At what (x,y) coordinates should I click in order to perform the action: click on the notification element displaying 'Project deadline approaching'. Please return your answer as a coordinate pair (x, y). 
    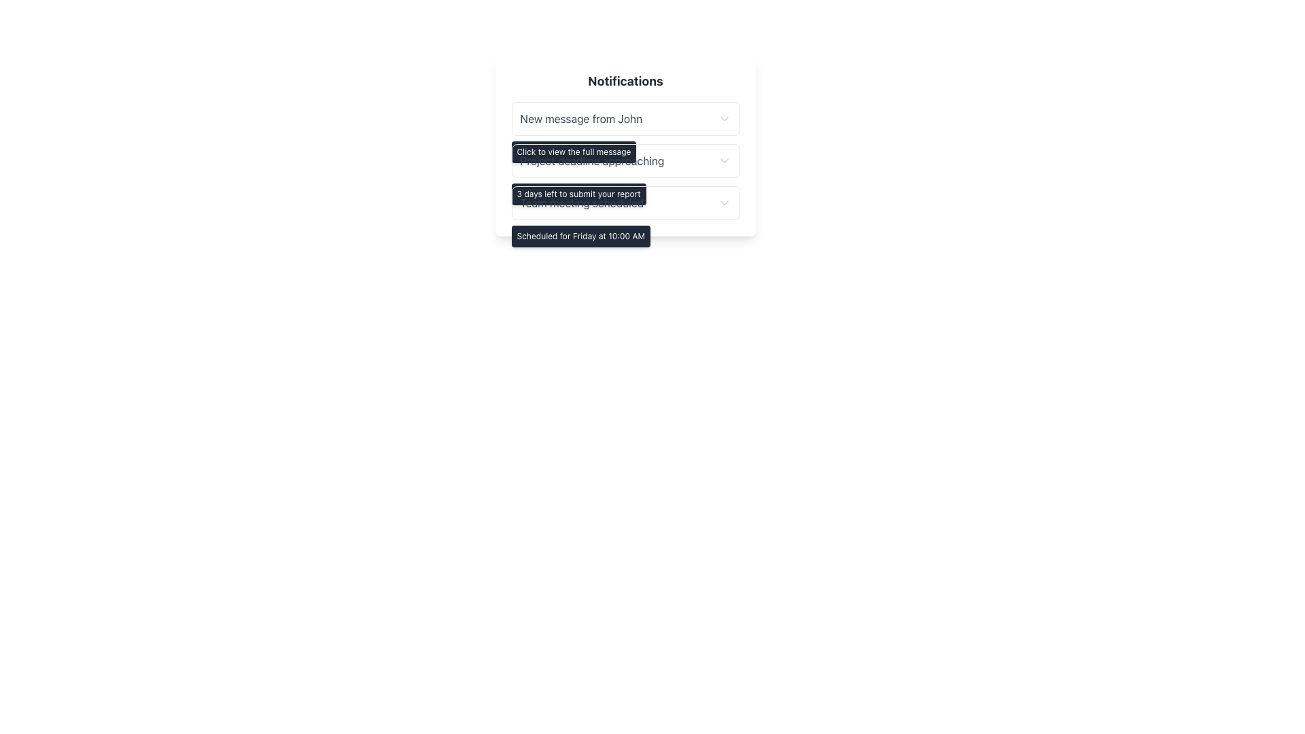
    Looking at the image, I should click on (625, 160).